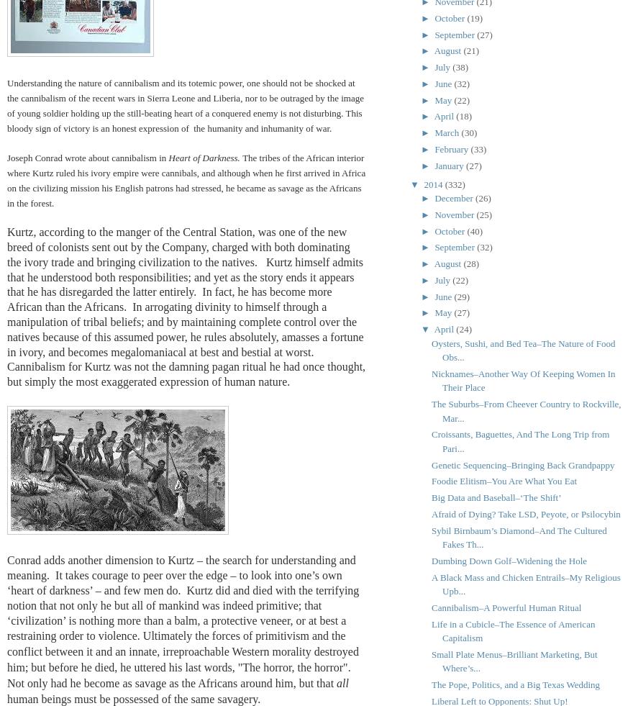 Image resolution: width=633 pixels, height=706 pixels. Describe the element at coordinates (456, 115) in the screenshot. I see `'(18)'` at that location.